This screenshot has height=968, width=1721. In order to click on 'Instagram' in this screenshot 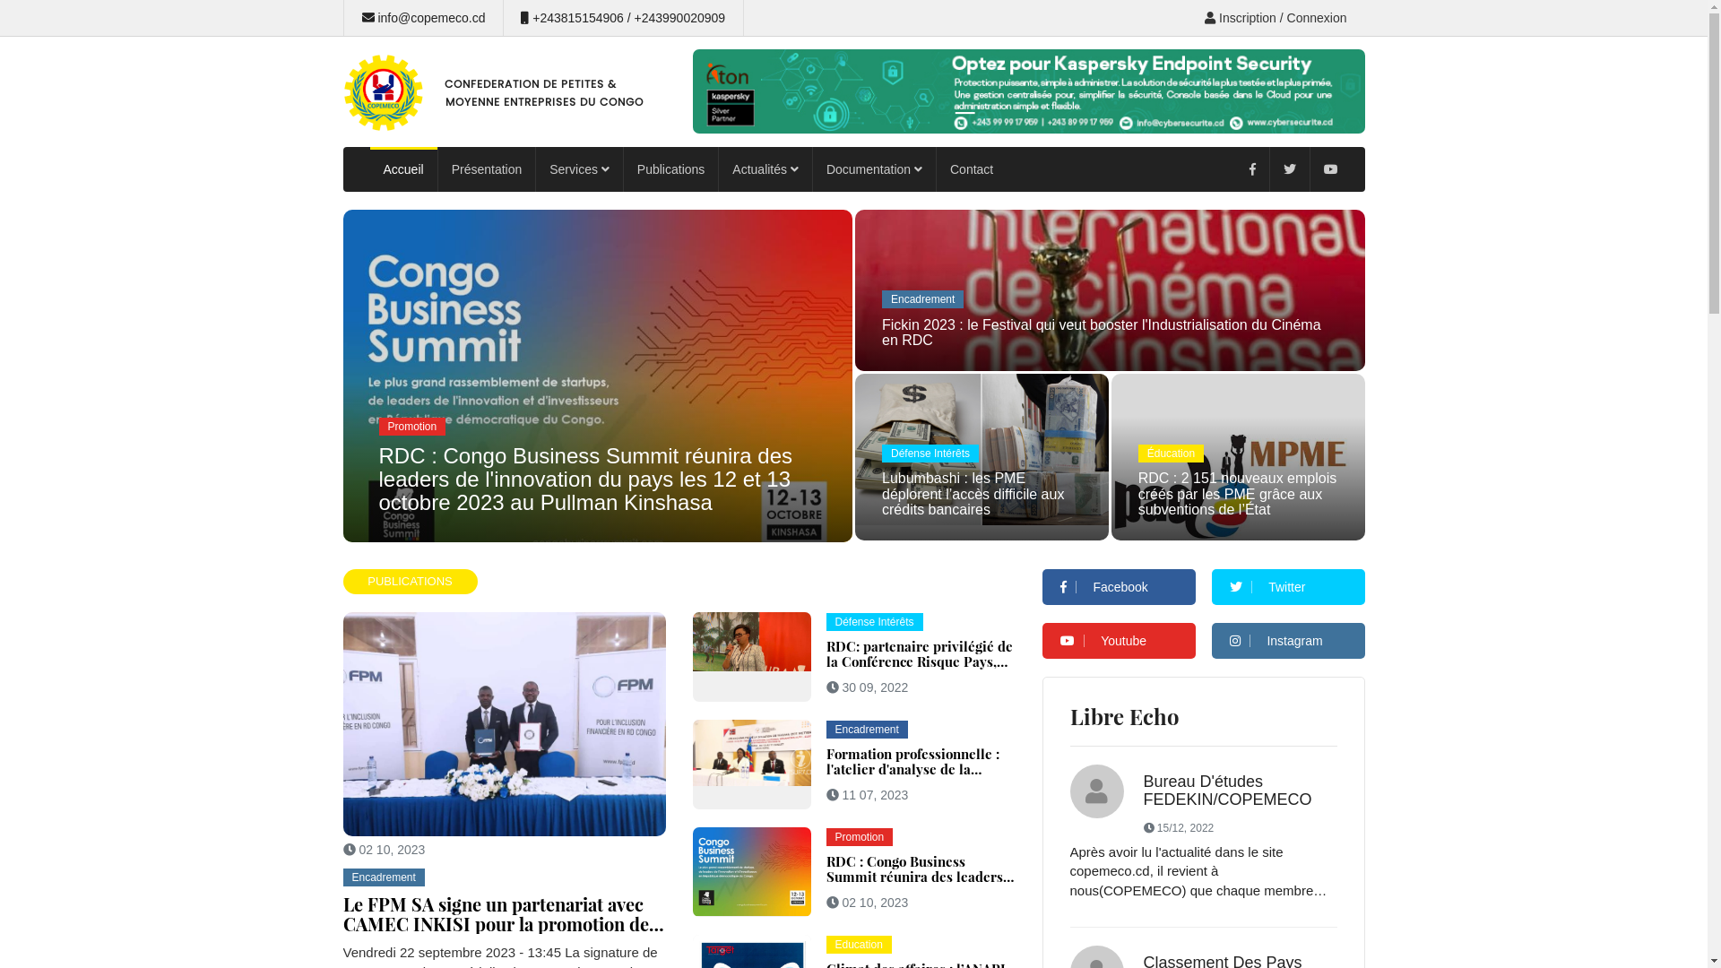, I will do `click(1287, 639)`.